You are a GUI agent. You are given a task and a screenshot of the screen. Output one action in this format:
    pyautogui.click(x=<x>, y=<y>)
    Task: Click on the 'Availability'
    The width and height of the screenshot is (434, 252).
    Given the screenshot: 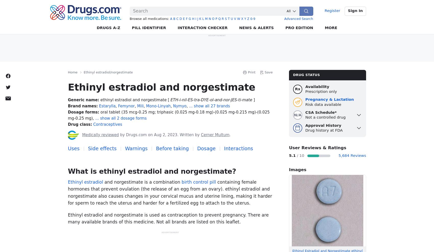 What is the action you would take?
    pyautogui.click(x=317, y=86)
    